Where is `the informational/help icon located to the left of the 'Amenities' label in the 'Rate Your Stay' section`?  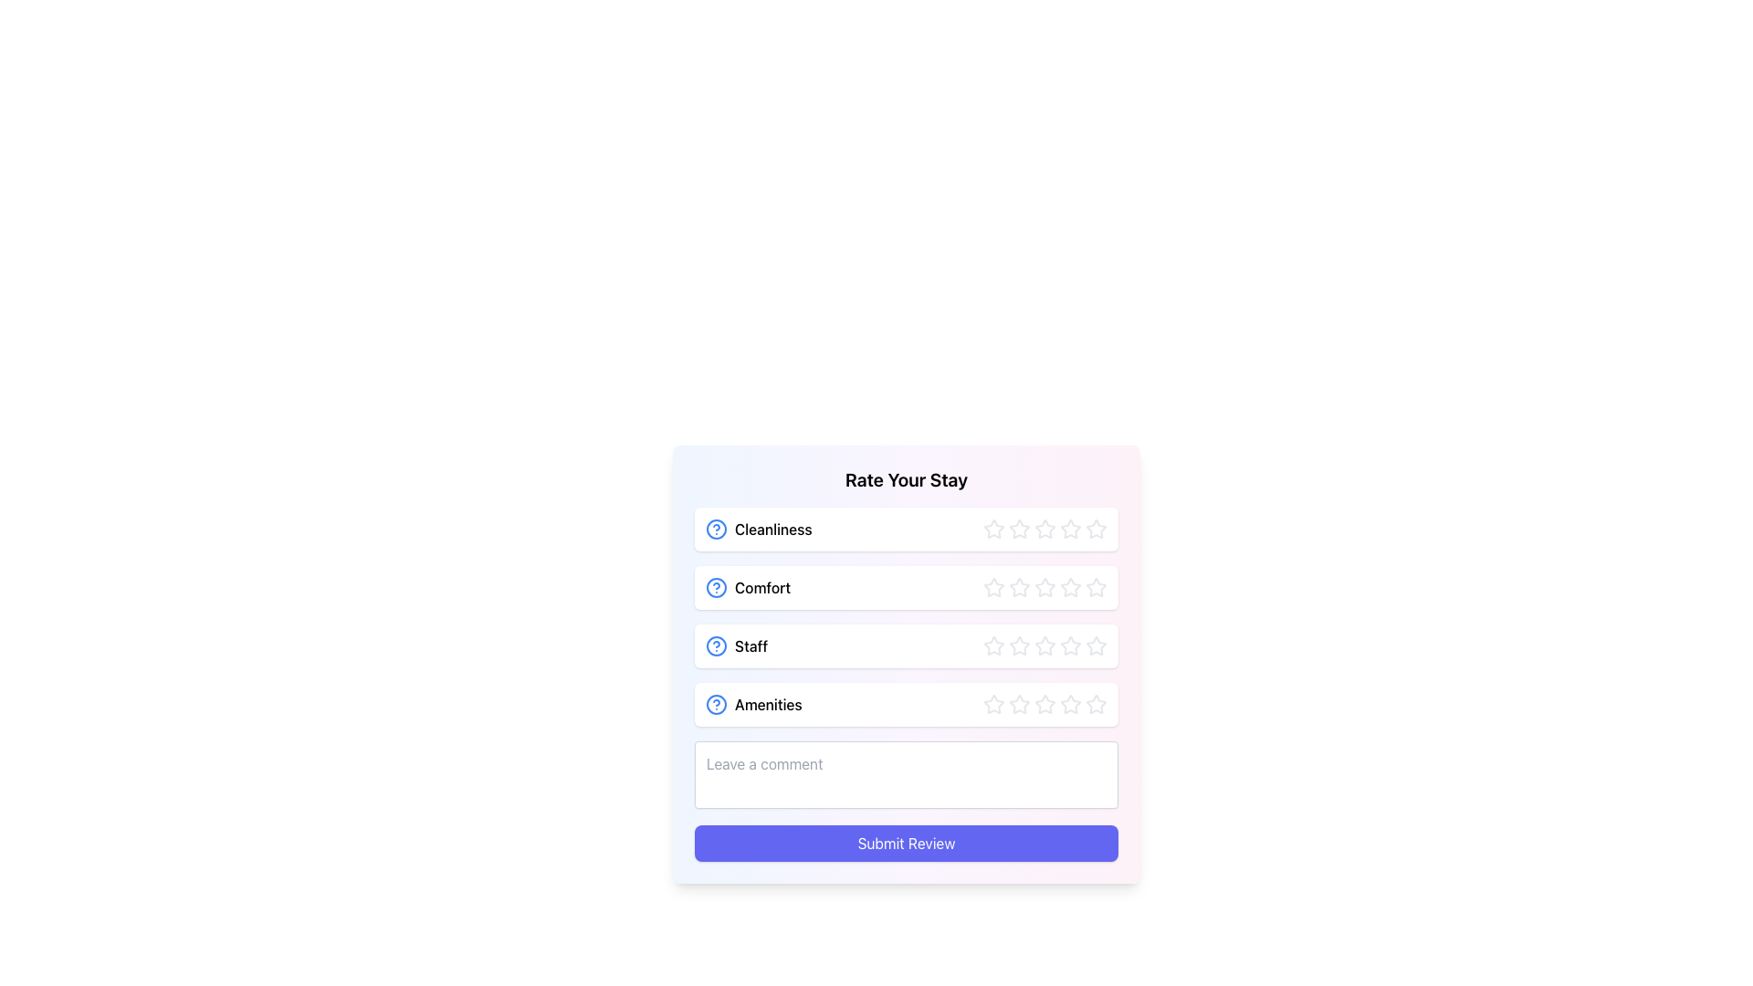 the informational/help icon located to the left of the 'Amenities' label in the 'Rate Your Stay' section is located at coordinates (716, 703).